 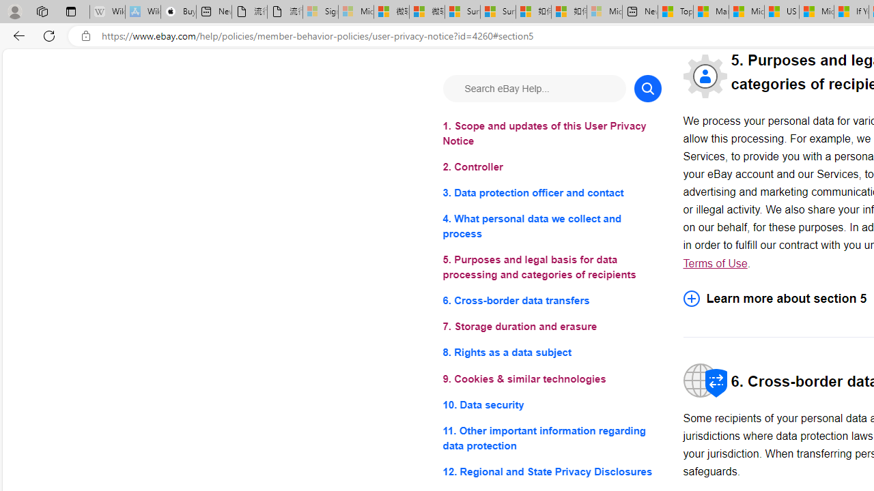 I want to click on '8. Rights as a data subject', so click(x=552, y=352).